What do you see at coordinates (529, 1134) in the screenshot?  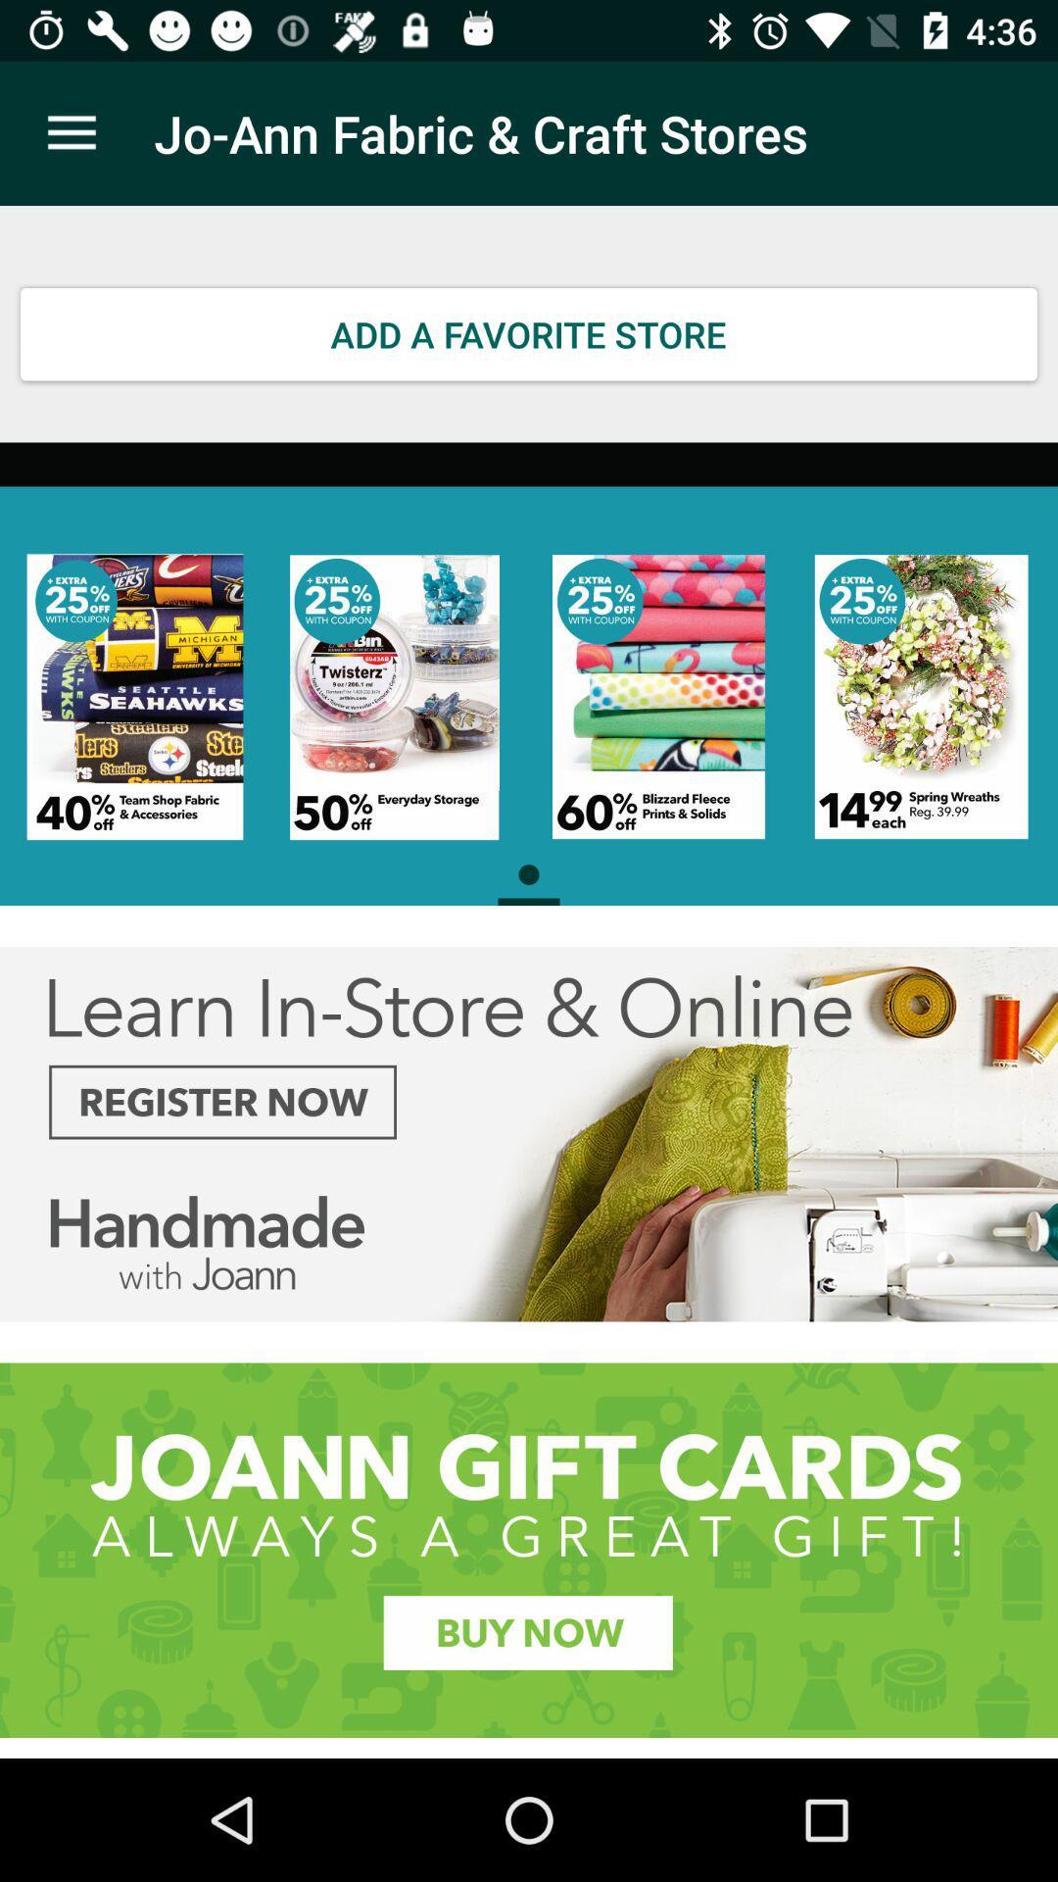 I see `register for program` at bounding box center [529, 1134].